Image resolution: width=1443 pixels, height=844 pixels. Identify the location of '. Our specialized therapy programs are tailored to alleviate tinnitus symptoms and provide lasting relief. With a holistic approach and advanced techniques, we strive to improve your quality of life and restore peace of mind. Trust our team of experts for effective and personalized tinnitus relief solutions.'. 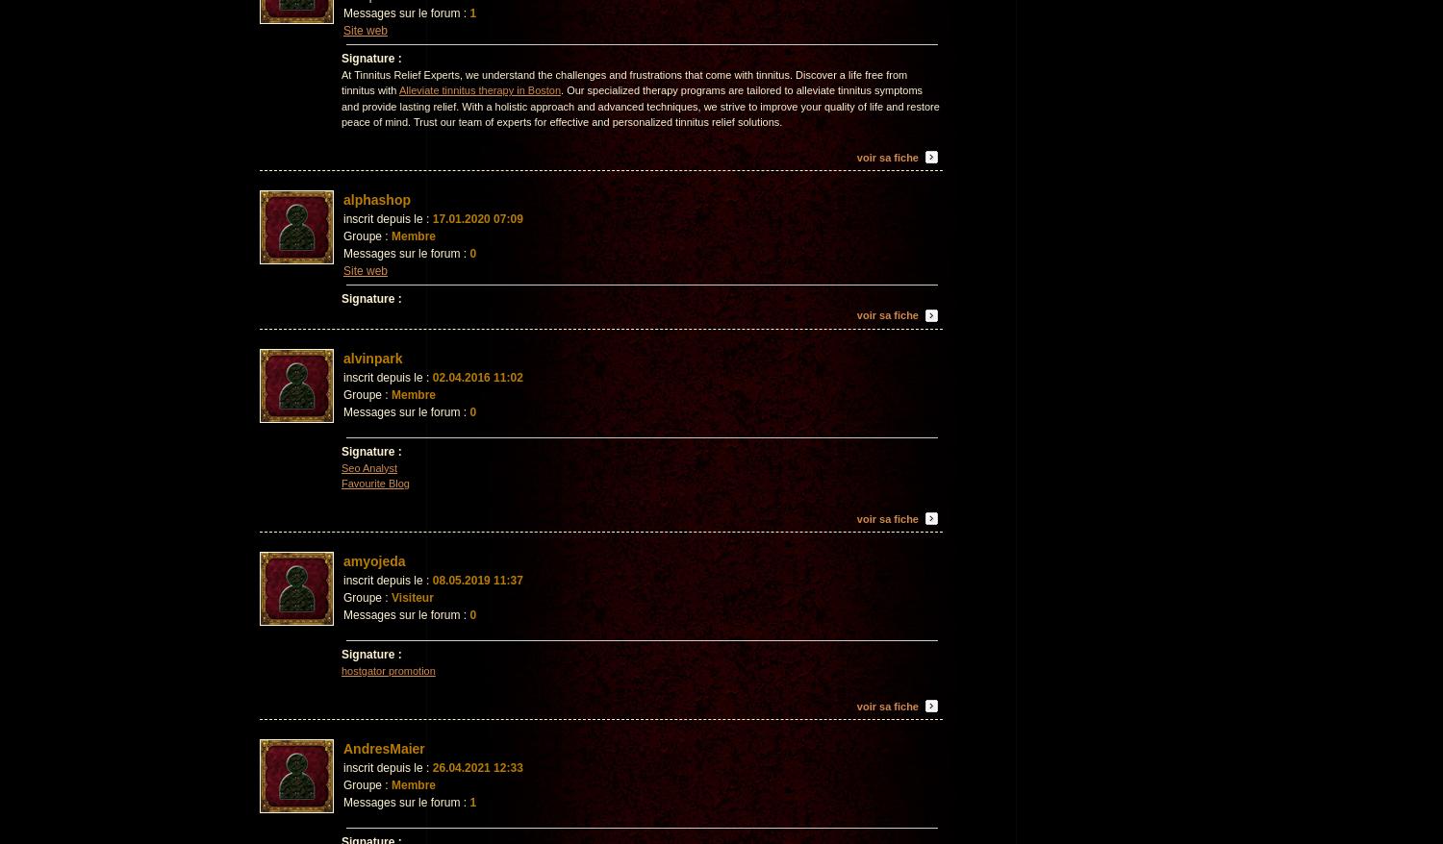
(640, 105).